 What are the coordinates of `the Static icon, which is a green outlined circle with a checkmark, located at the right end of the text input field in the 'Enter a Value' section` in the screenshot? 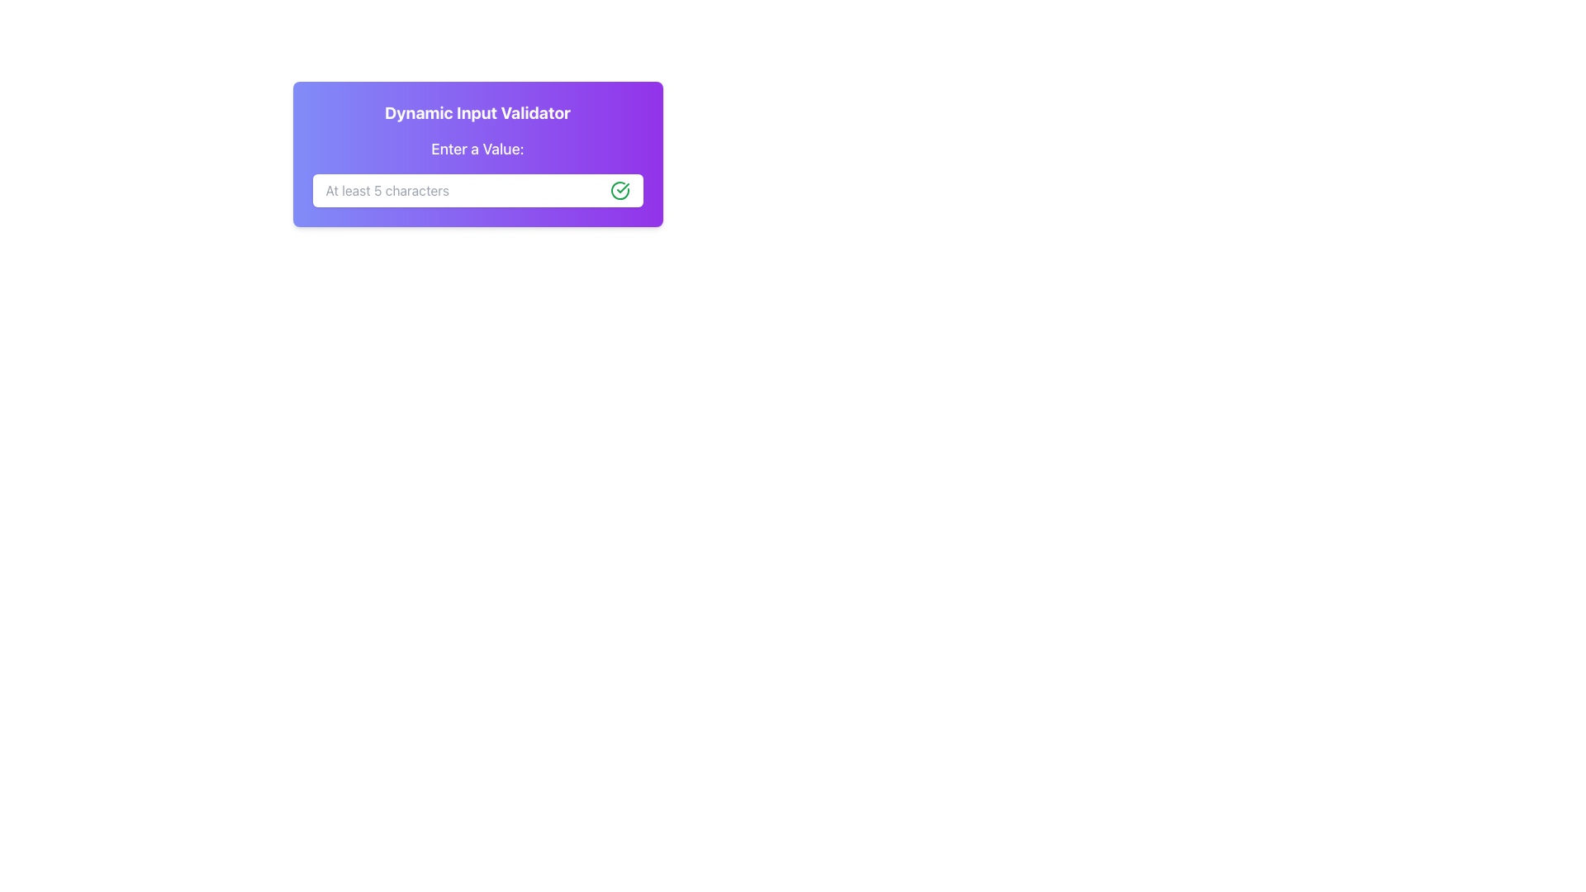 It's located at (619, 190).